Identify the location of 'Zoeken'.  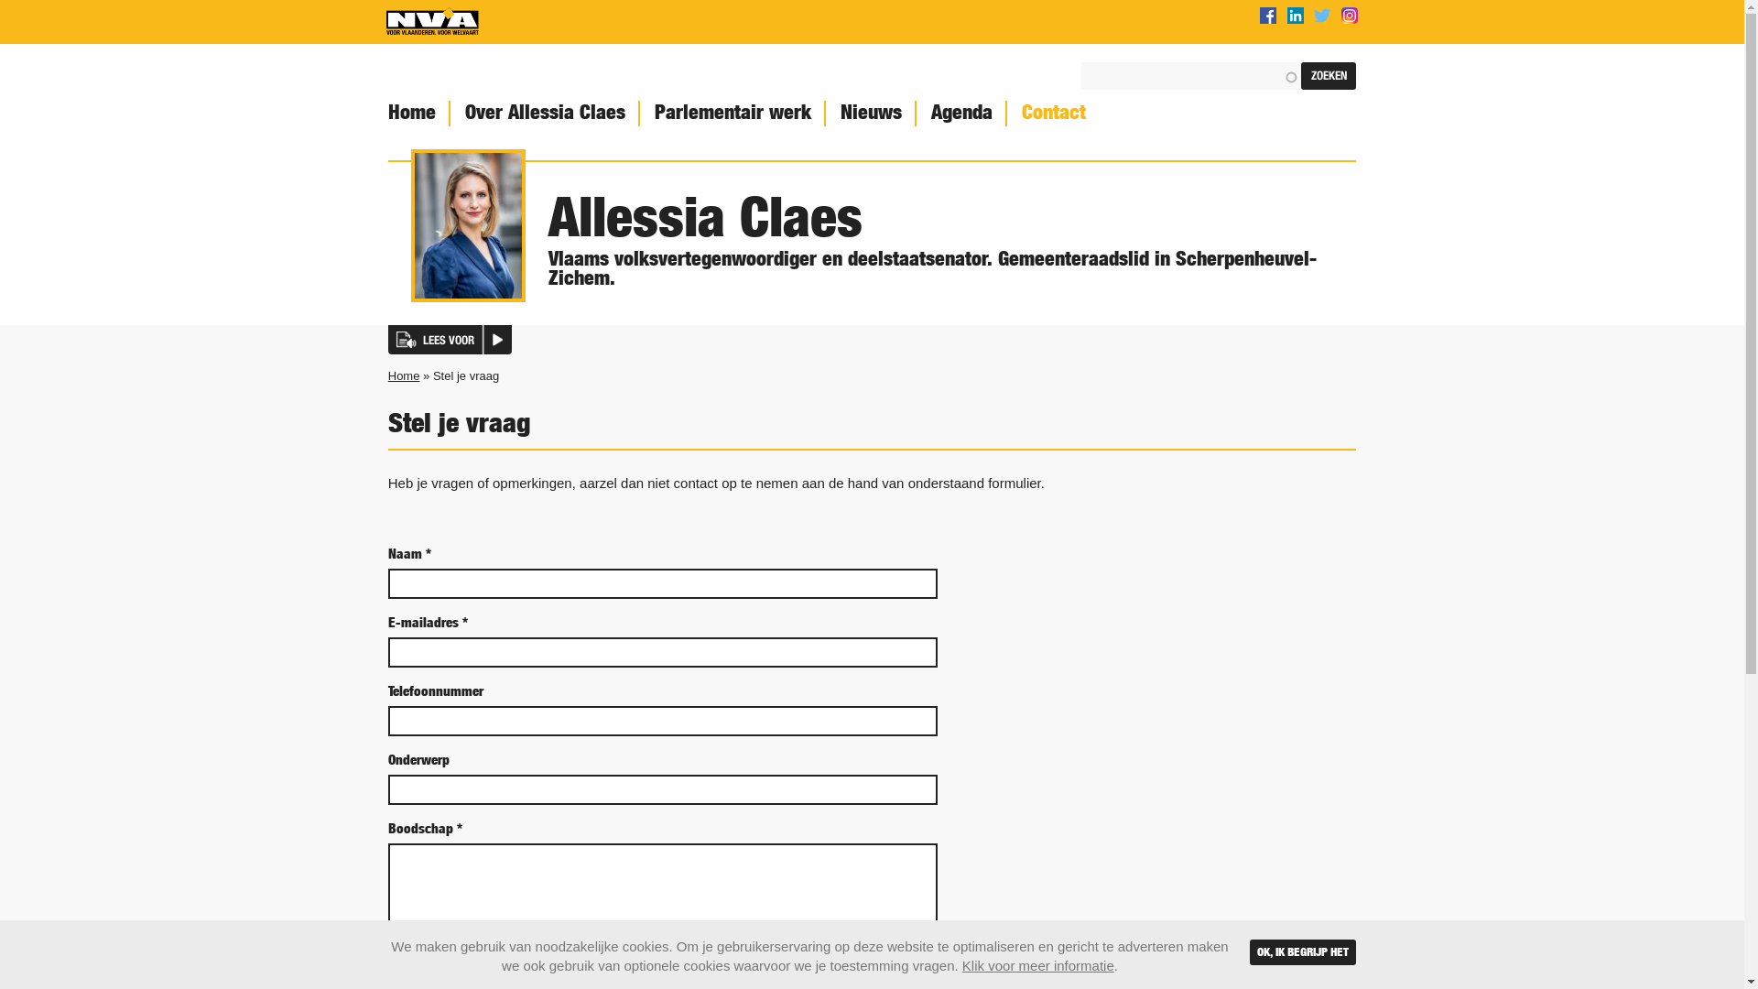
(1299, 75).